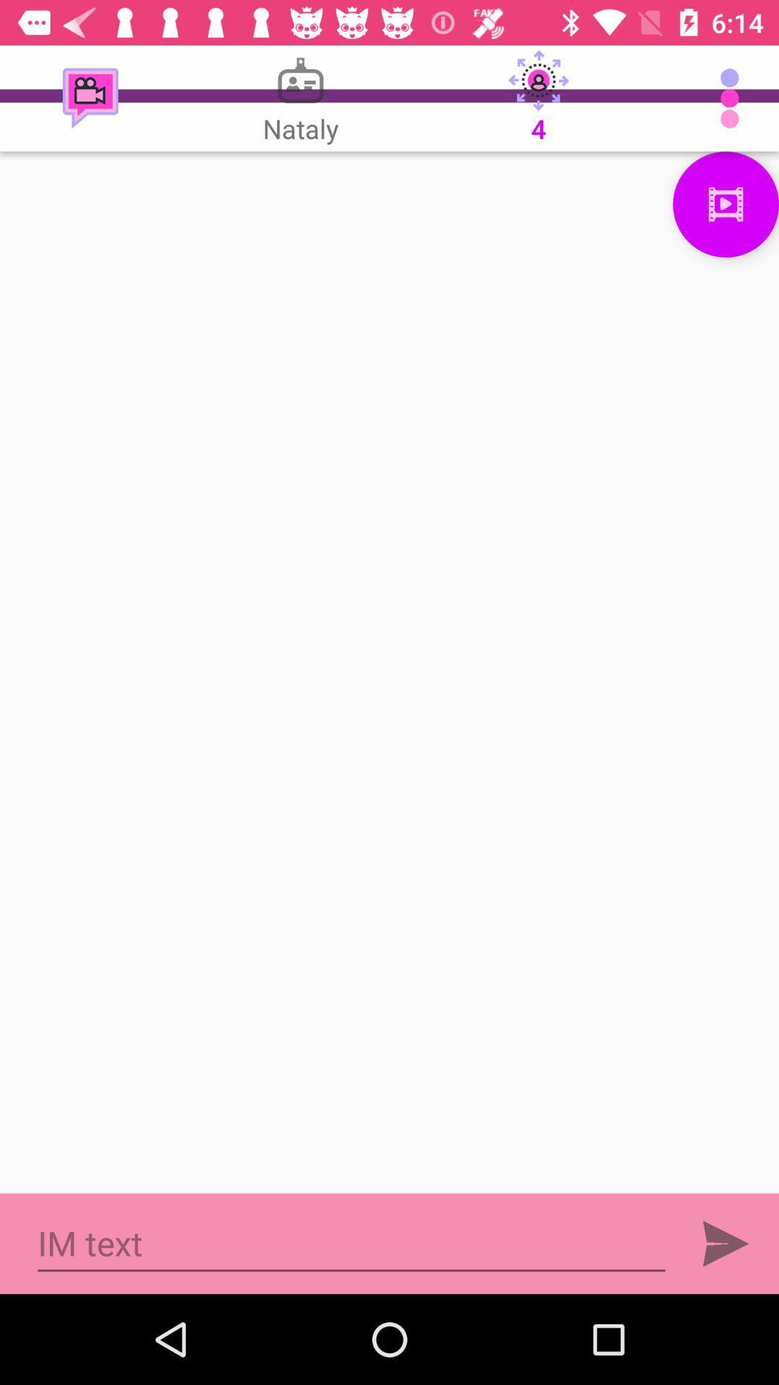  Describe the element at coordinates (351, 1243) in the screenshot. I see `text entry` at that location.